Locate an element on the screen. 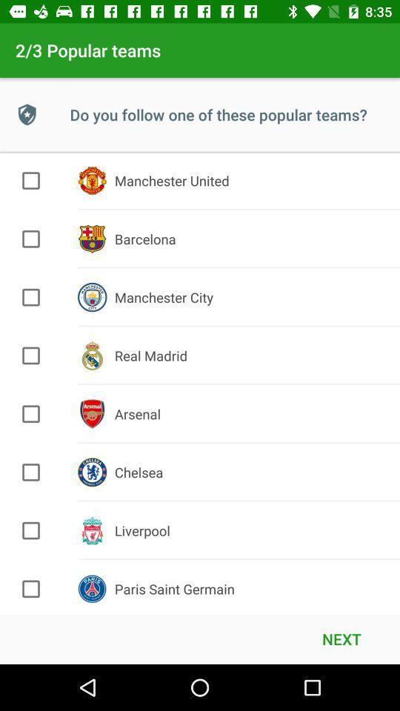 The height and width of the screenshot is (711, 400). the image right to third check box is located at coordinates (92, 296).